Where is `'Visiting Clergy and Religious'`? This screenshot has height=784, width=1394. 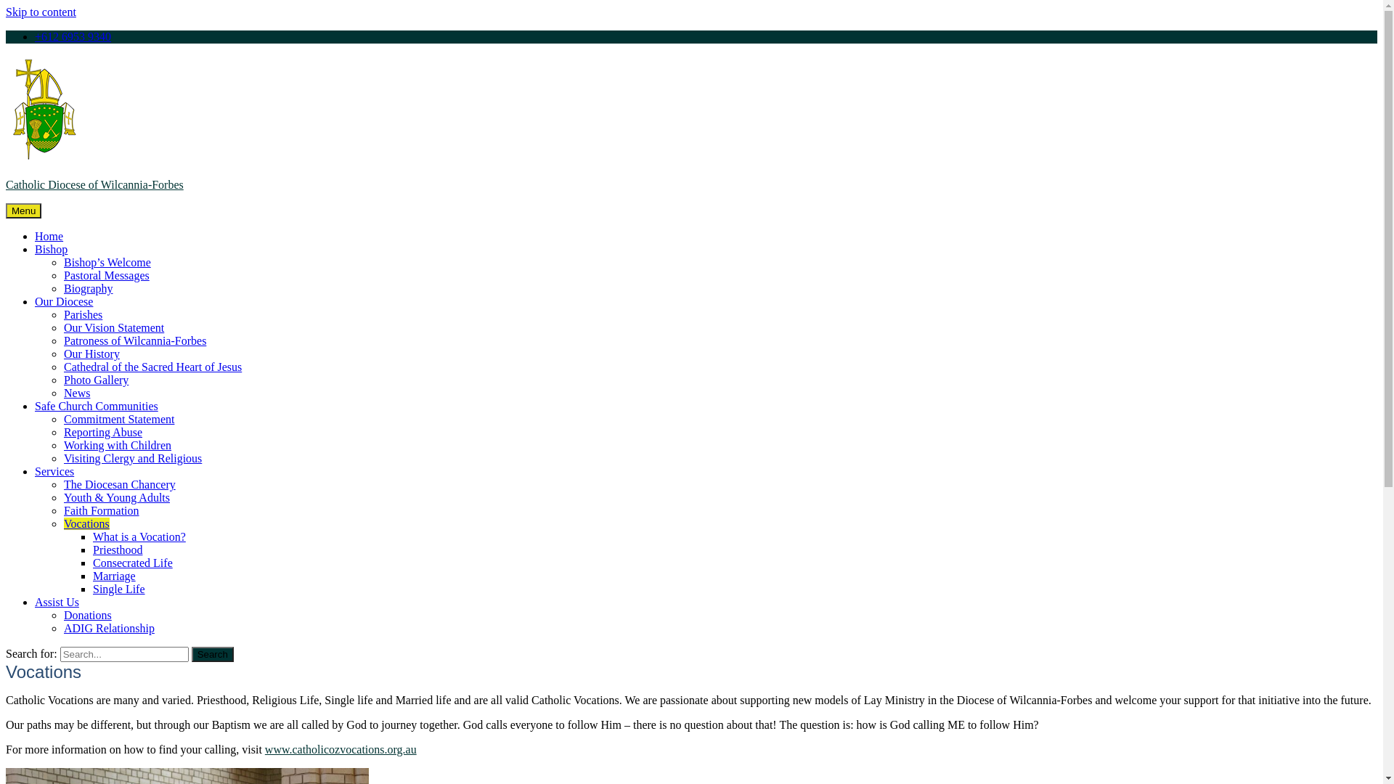 'Visiting Clergy and Religious' is located at coordinates (132, 458).